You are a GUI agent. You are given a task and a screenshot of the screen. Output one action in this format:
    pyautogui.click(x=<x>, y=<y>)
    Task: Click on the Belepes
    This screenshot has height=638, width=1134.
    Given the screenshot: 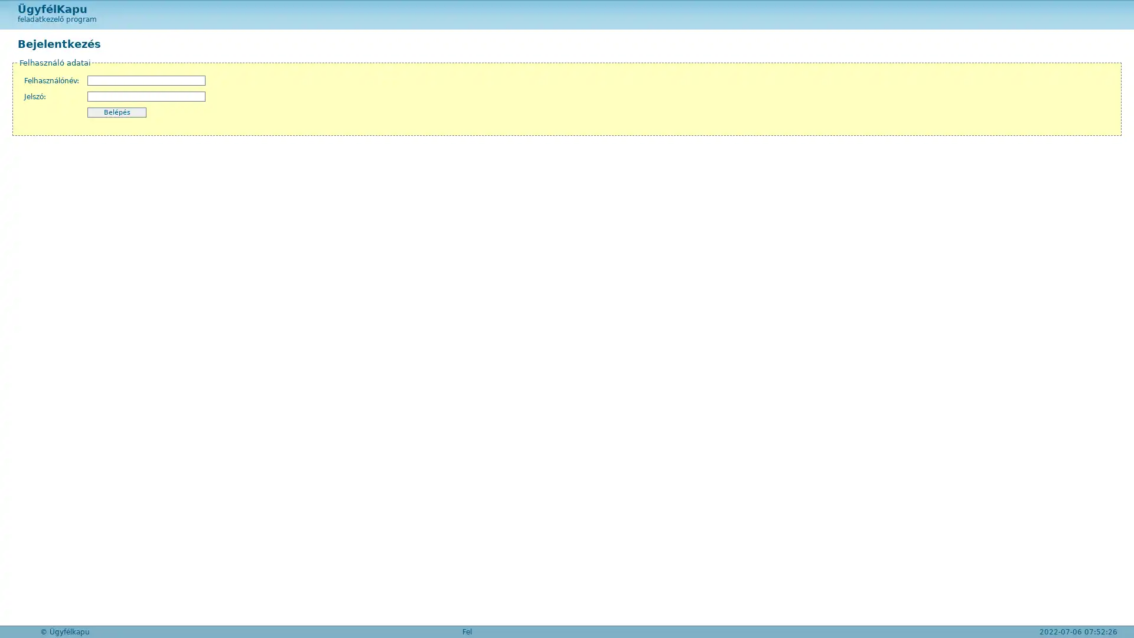 What is the action you would take?
    pyautogui.click(x=116, y=112)
    